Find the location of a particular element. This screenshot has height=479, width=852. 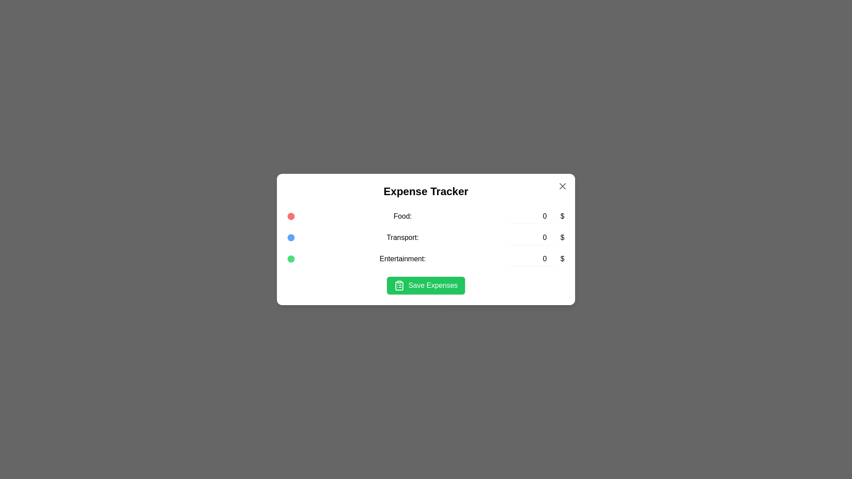

the expense amount for the 'Food' category to 5138 is located at coordinates (532, 216).